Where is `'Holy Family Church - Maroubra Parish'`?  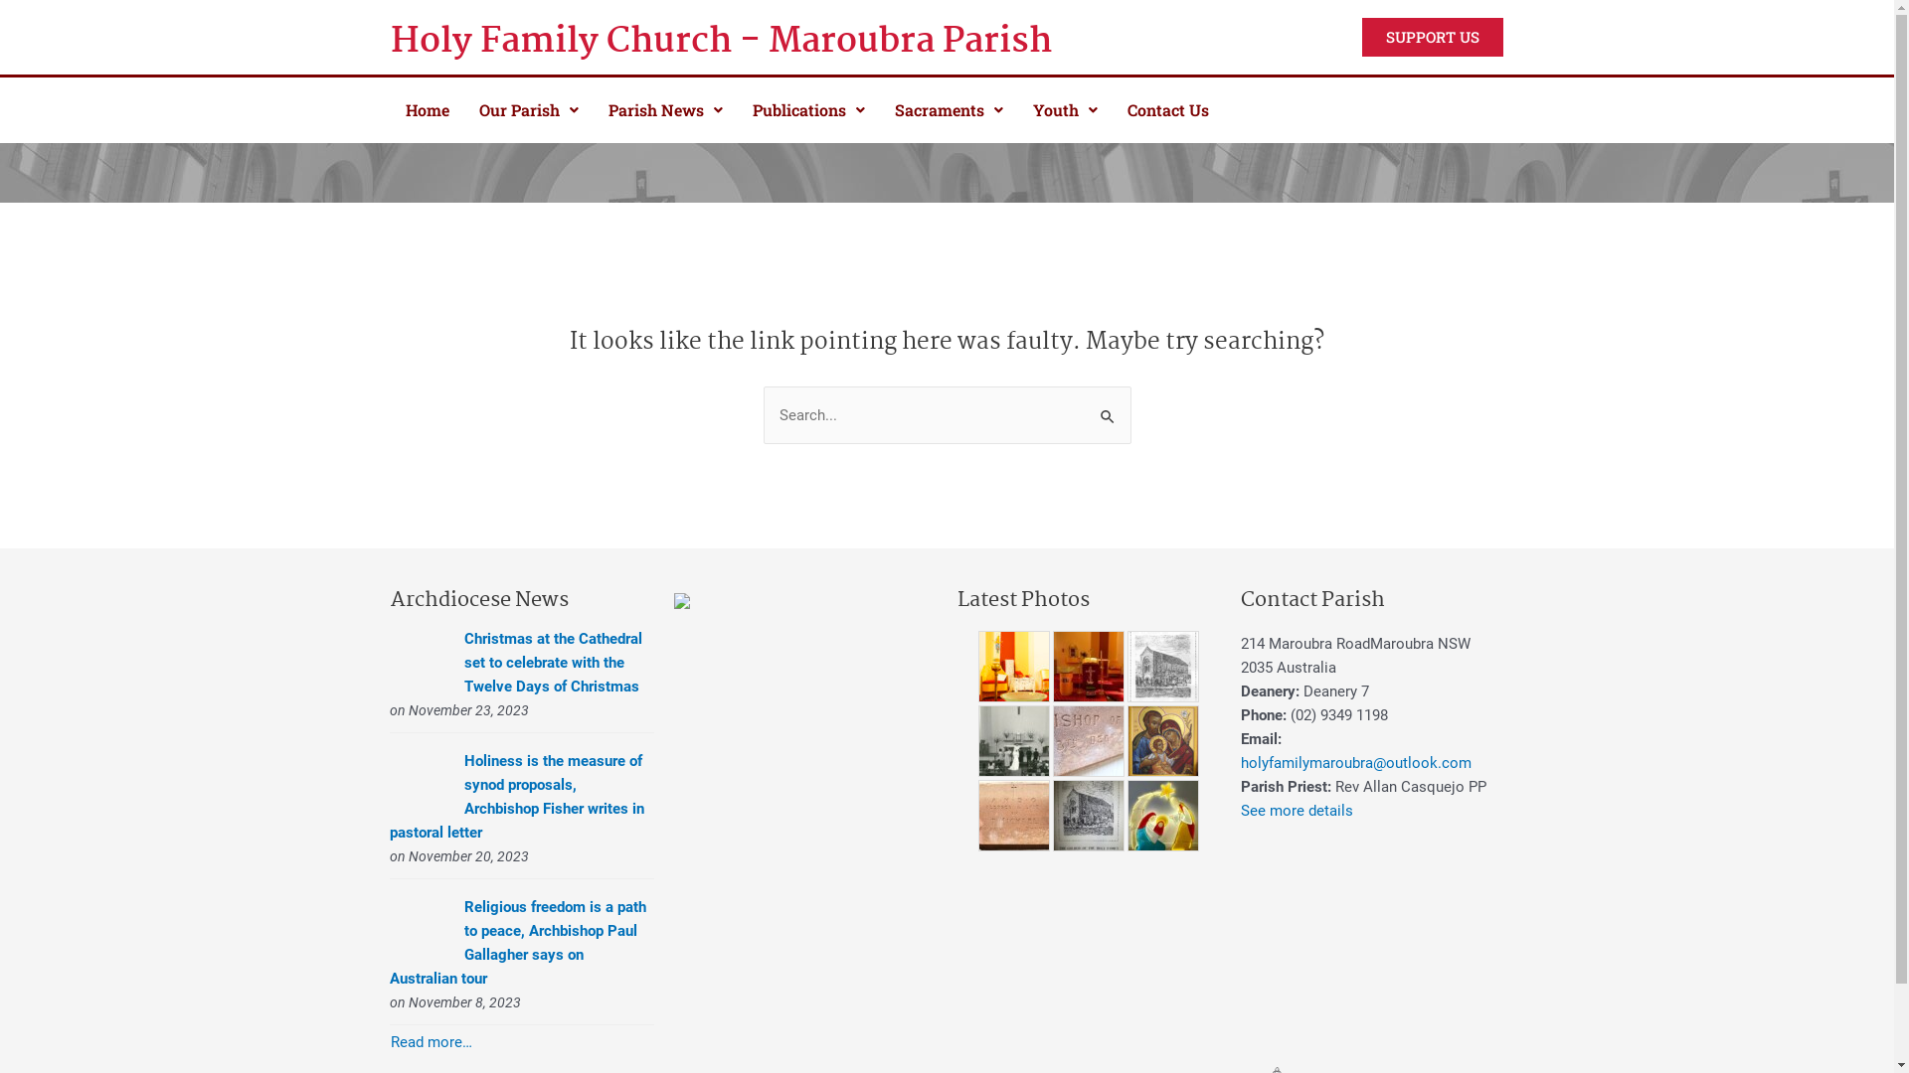 'Holy Family Church - Maroubra Parish' is located at coordinates (757, 42).